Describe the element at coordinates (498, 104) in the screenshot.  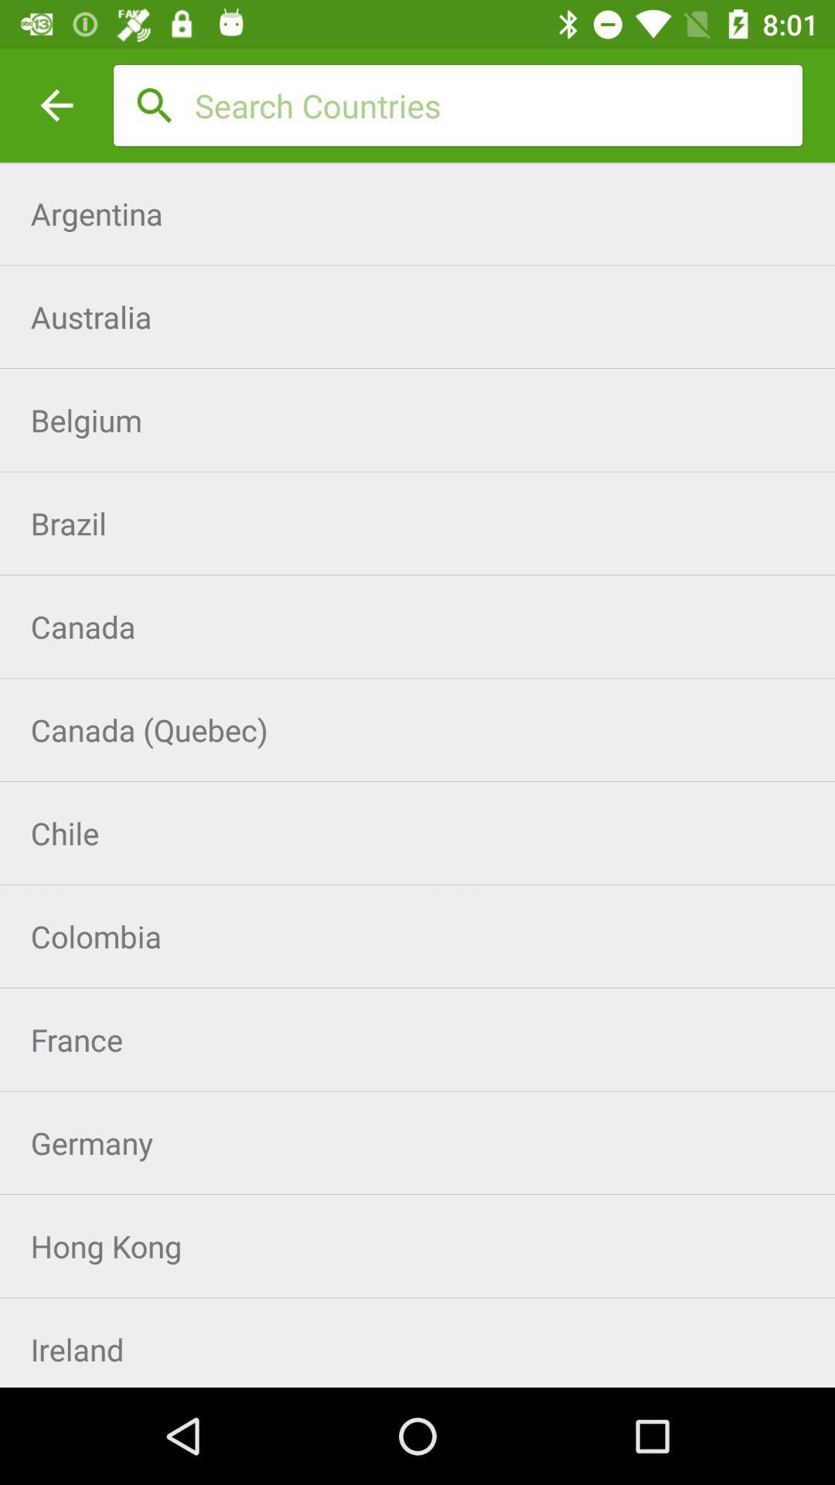
I see `the item above the argentina icon` at that location.